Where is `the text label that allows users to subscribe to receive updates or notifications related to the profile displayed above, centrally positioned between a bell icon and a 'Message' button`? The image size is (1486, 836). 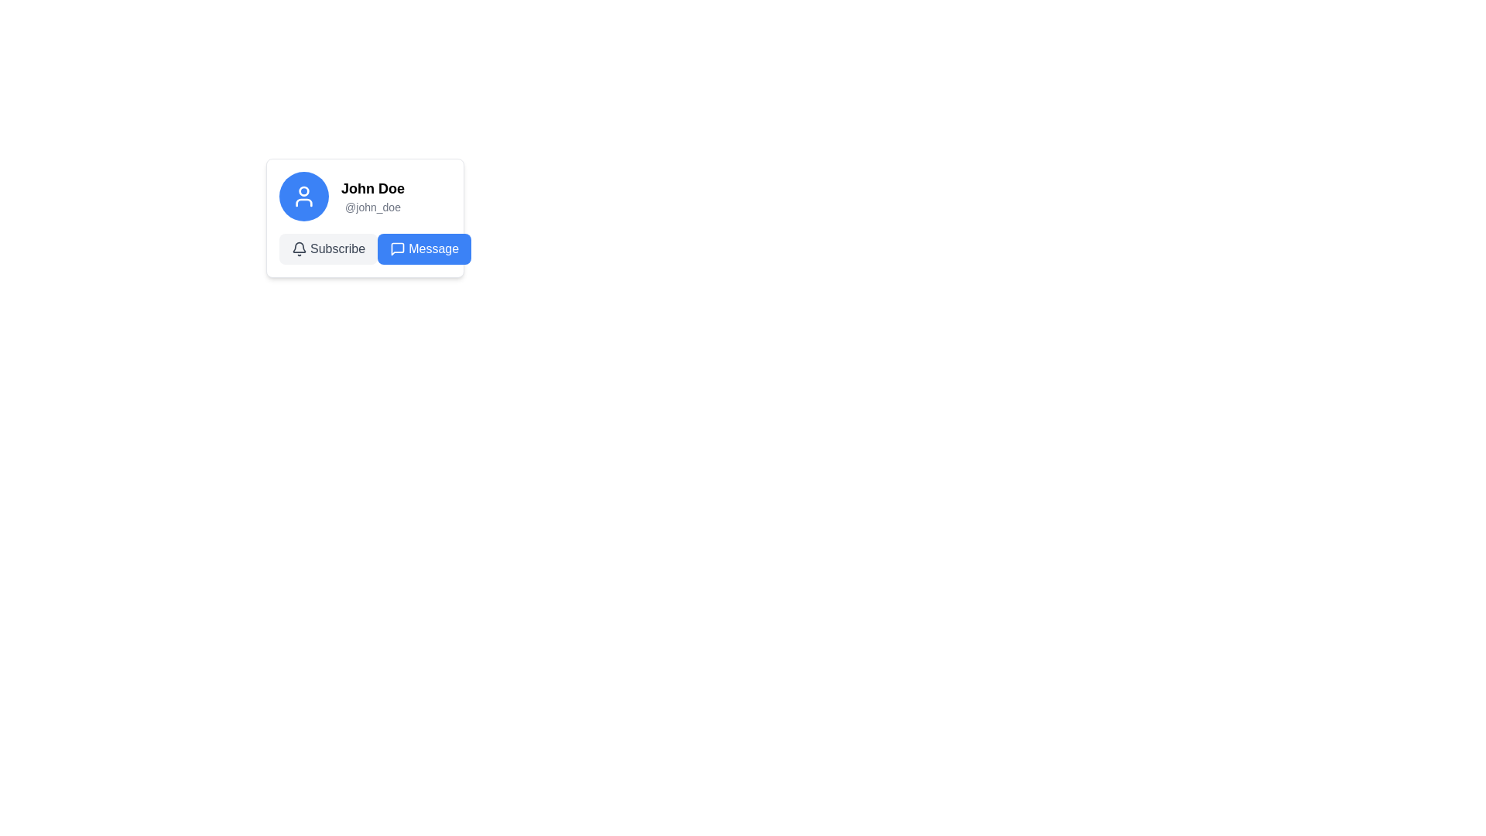 the text label that allows users to subscribe to receive updates or notifications related to the profile displayed above, centrally positioned between a bell icon and a 'Message' button is located at coordinates (337, 248).